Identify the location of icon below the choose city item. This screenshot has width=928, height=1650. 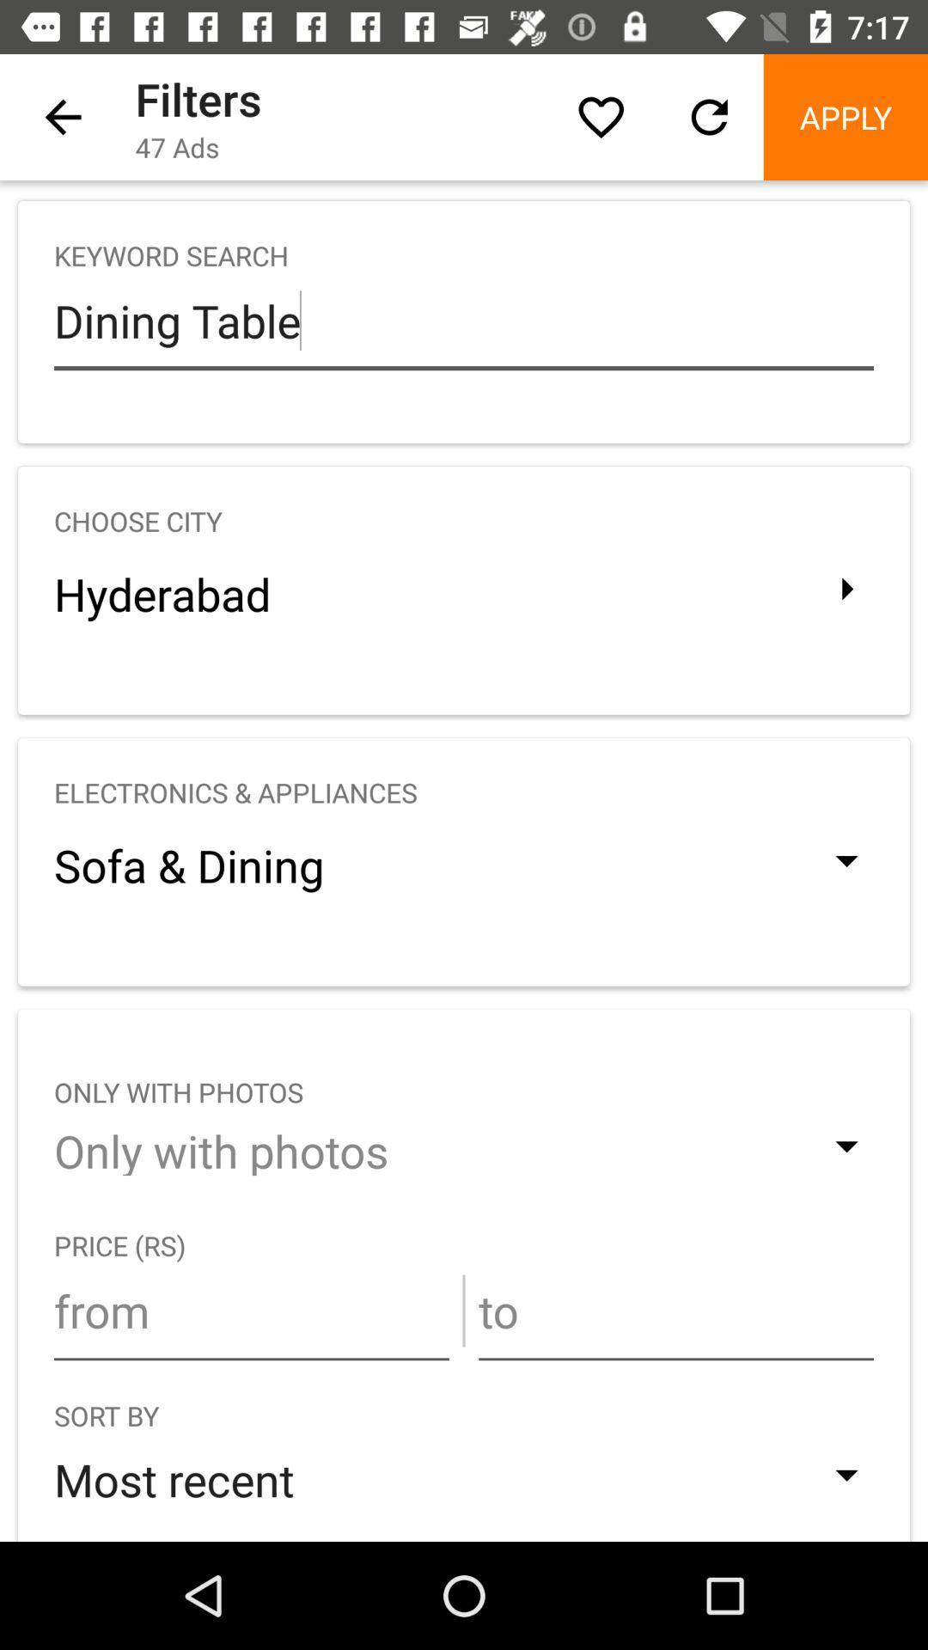
(464, 594).